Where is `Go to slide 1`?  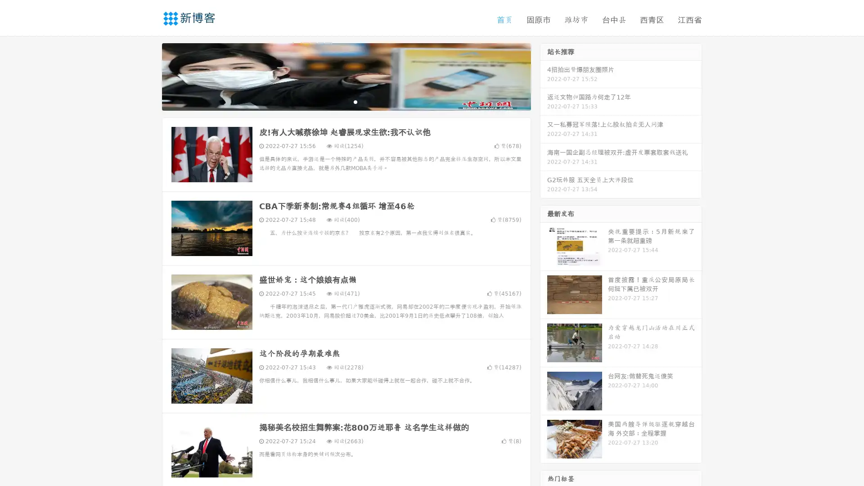
Go to slide 1 is located at coordinates (337, 101).